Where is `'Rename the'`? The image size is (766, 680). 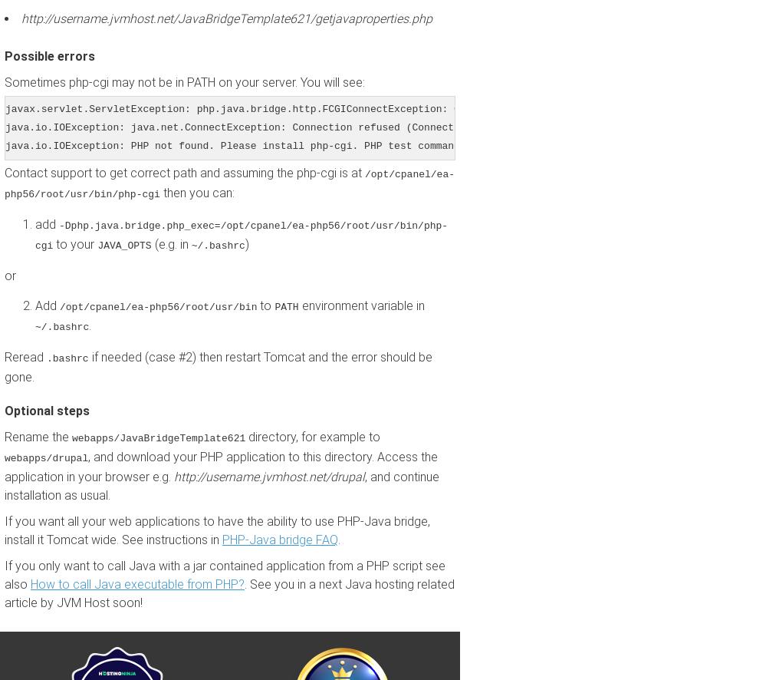
'Rename the' is located at coordinates (38, 437).